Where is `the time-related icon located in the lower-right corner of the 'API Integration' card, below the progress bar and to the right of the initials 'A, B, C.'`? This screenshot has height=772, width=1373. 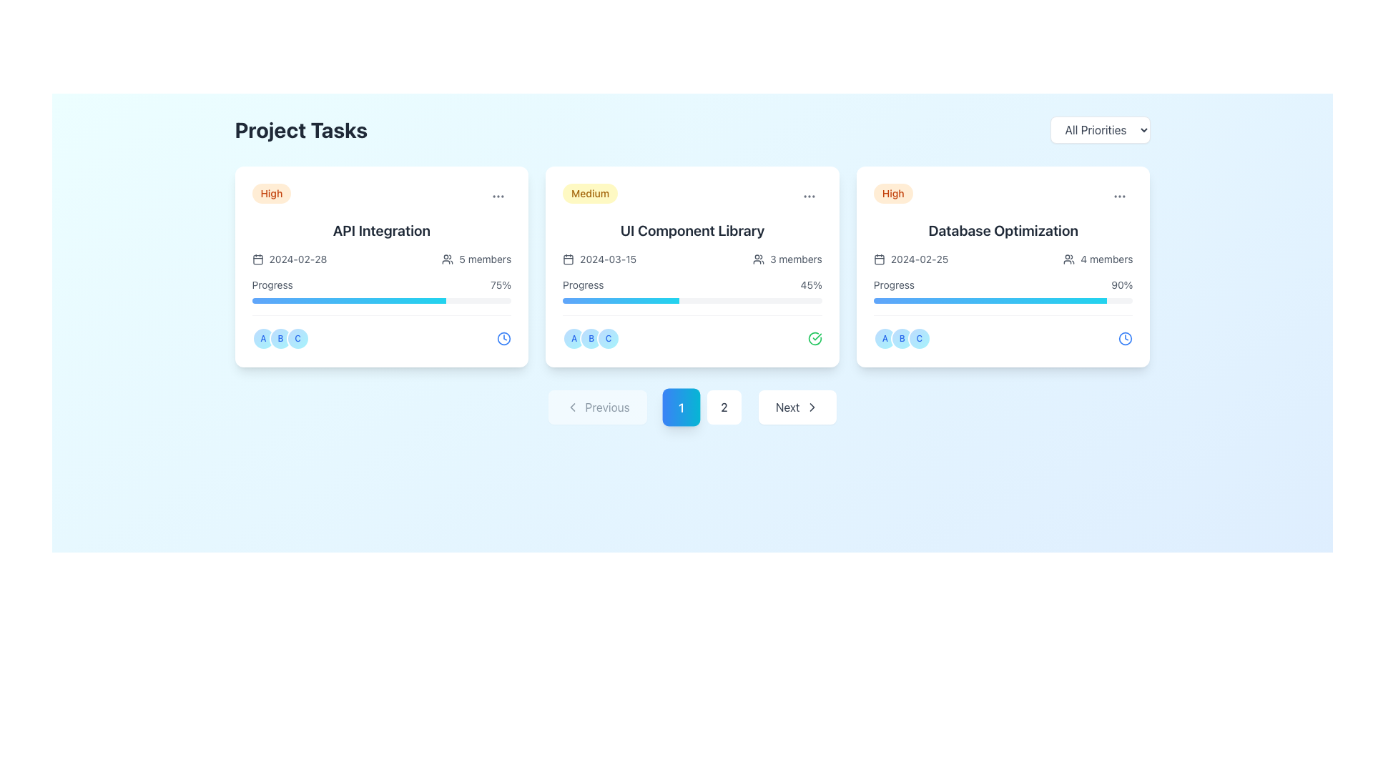
the time-related icon located in the lower-right corner of the 'API Integration' card, below the progress bar and to the right of the initials 'A, B, C.' is located at coordinates (504, 339).